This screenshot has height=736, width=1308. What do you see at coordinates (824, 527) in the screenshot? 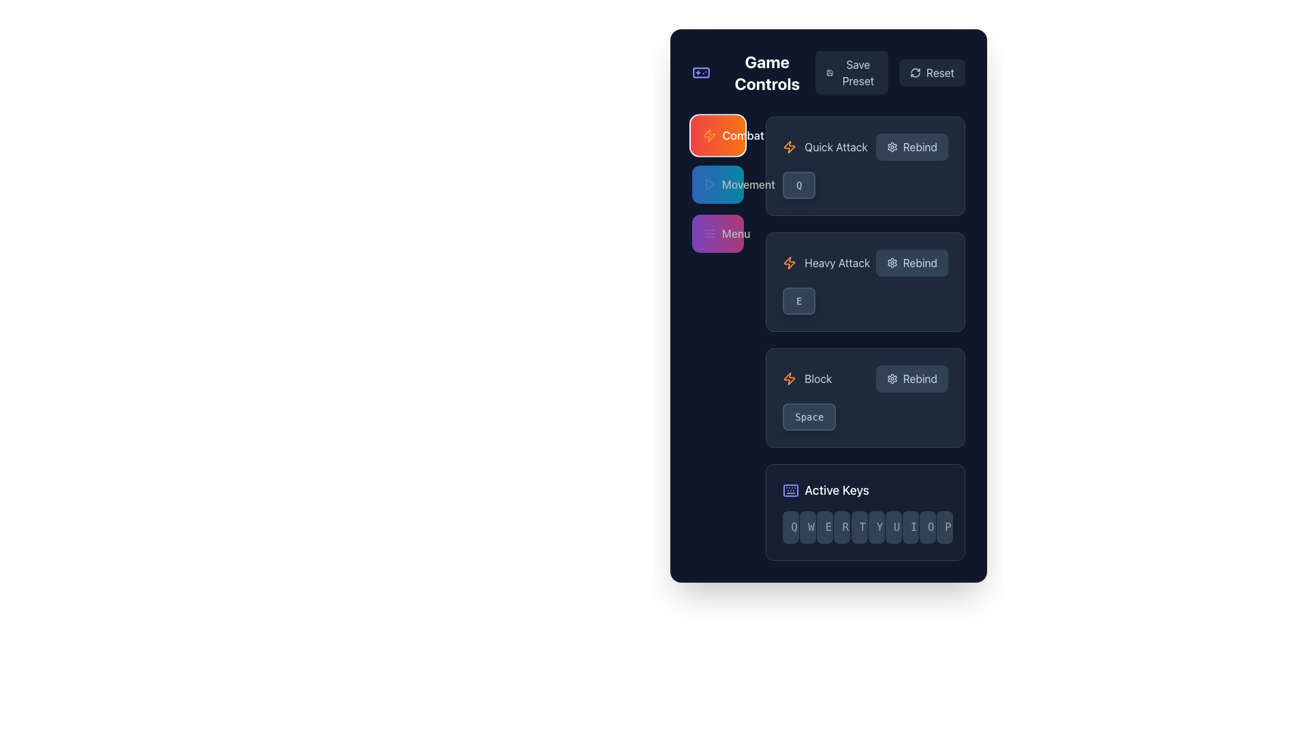
I see `the third button in a row of ten buttons representing the QWERTYUIOP sequence located centrally at the bottom of the interface` at bounding box center [824, 527].